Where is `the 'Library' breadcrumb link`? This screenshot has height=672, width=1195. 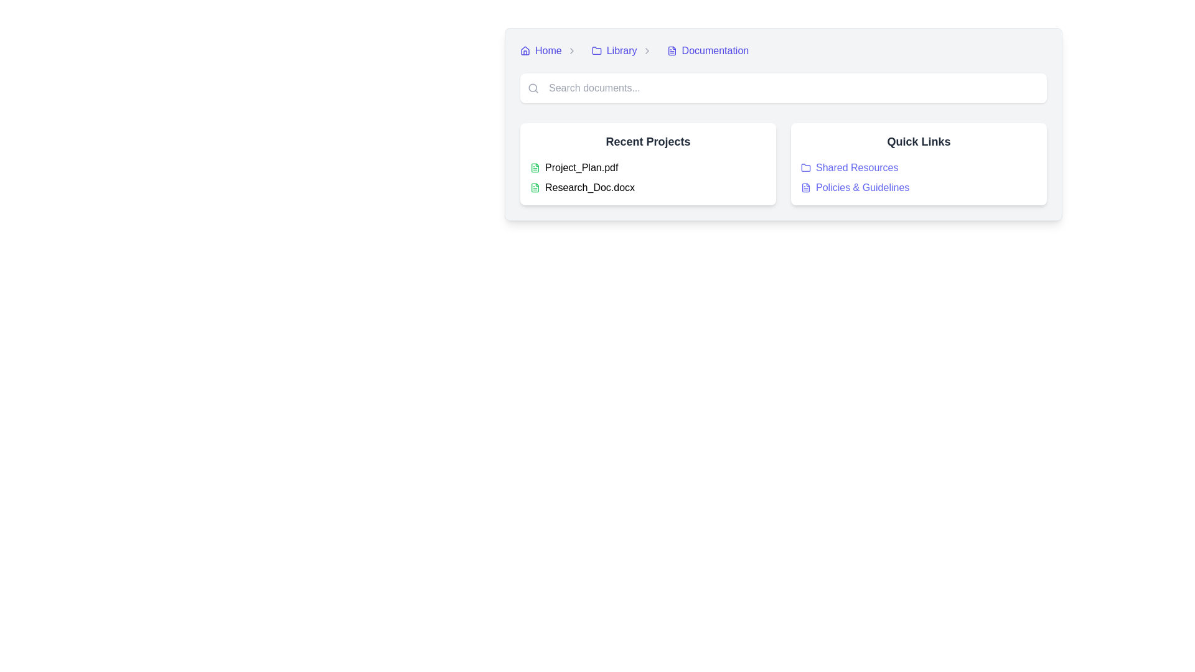 the 'Library' breadcrumb link is located at coordinates (624, 50).